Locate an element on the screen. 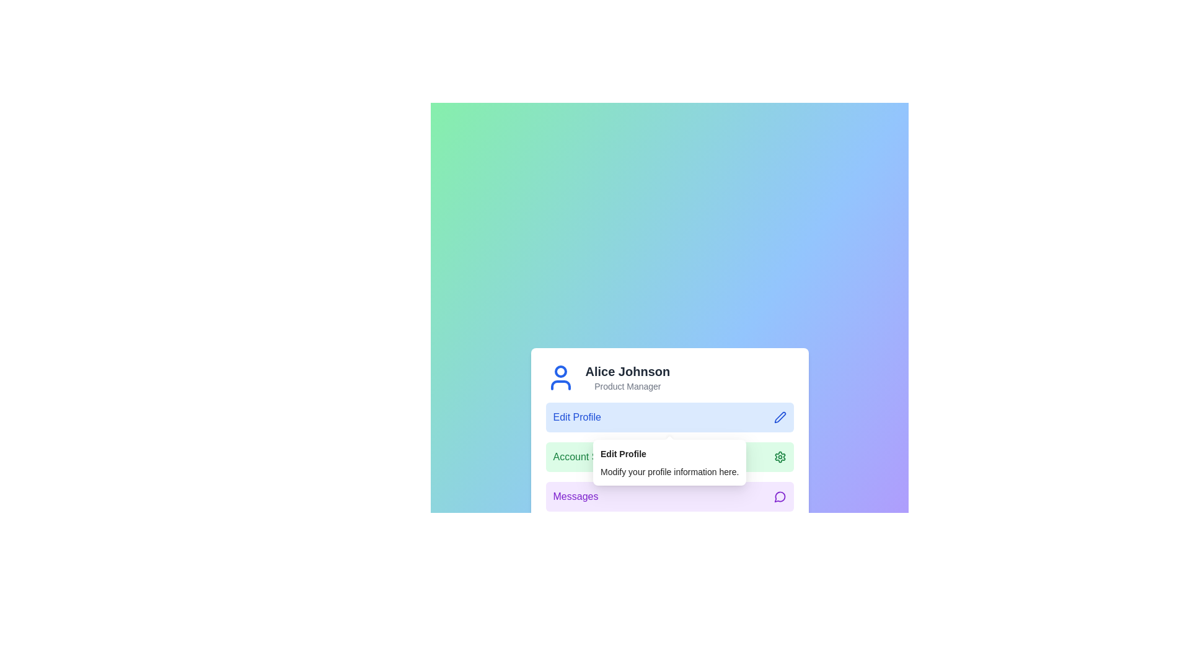 The image size is (1190, 669). the icon button resembling a pen, located to the right of the 'Edit Profile' button within the user profile information card is located at coordinates (779, 418).